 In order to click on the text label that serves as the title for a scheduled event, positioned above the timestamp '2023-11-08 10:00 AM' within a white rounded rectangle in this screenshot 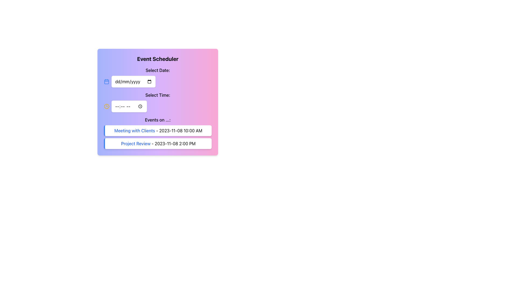, I will do `click(134, 131)`.